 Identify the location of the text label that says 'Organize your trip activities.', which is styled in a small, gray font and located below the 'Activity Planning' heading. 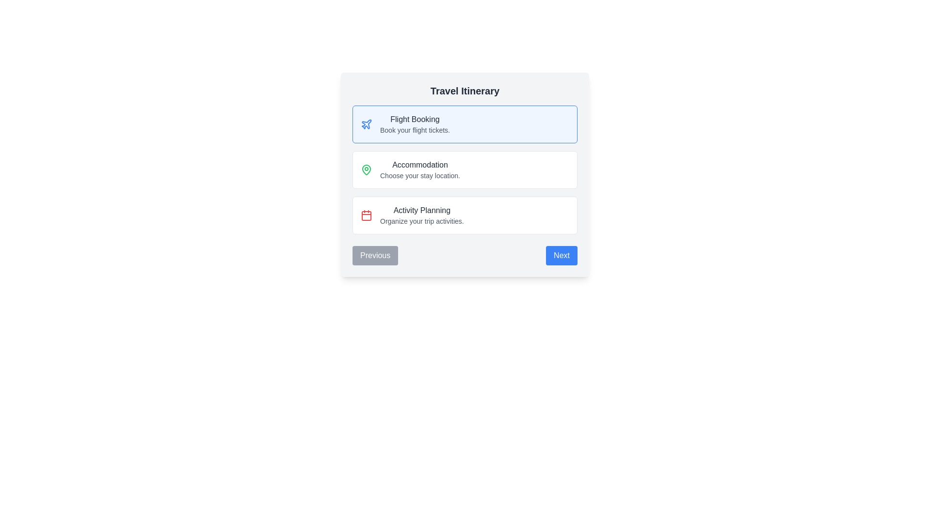
(422, 221).